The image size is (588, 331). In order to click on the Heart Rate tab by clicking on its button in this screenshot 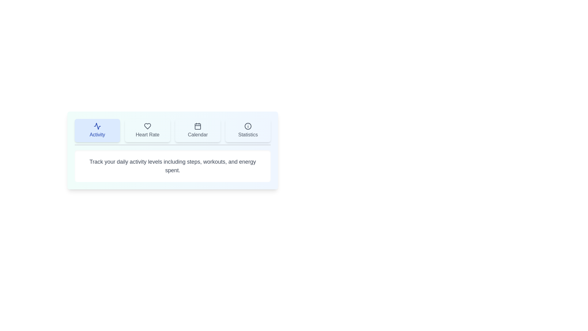, I will do `click(147, 130)`.